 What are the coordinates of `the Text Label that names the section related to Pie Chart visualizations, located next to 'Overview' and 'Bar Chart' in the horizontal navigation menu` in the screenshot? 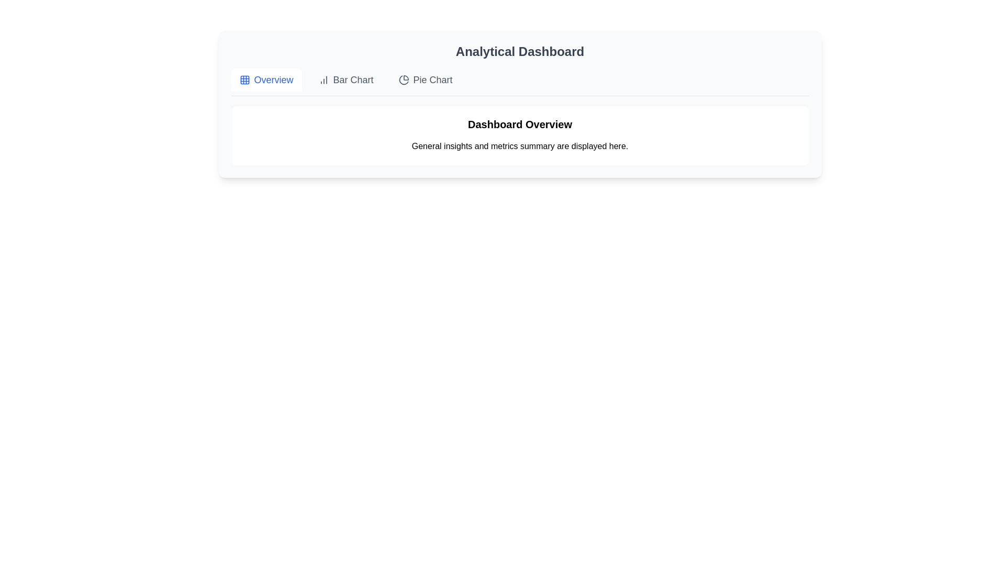 It's located at (433, 80).